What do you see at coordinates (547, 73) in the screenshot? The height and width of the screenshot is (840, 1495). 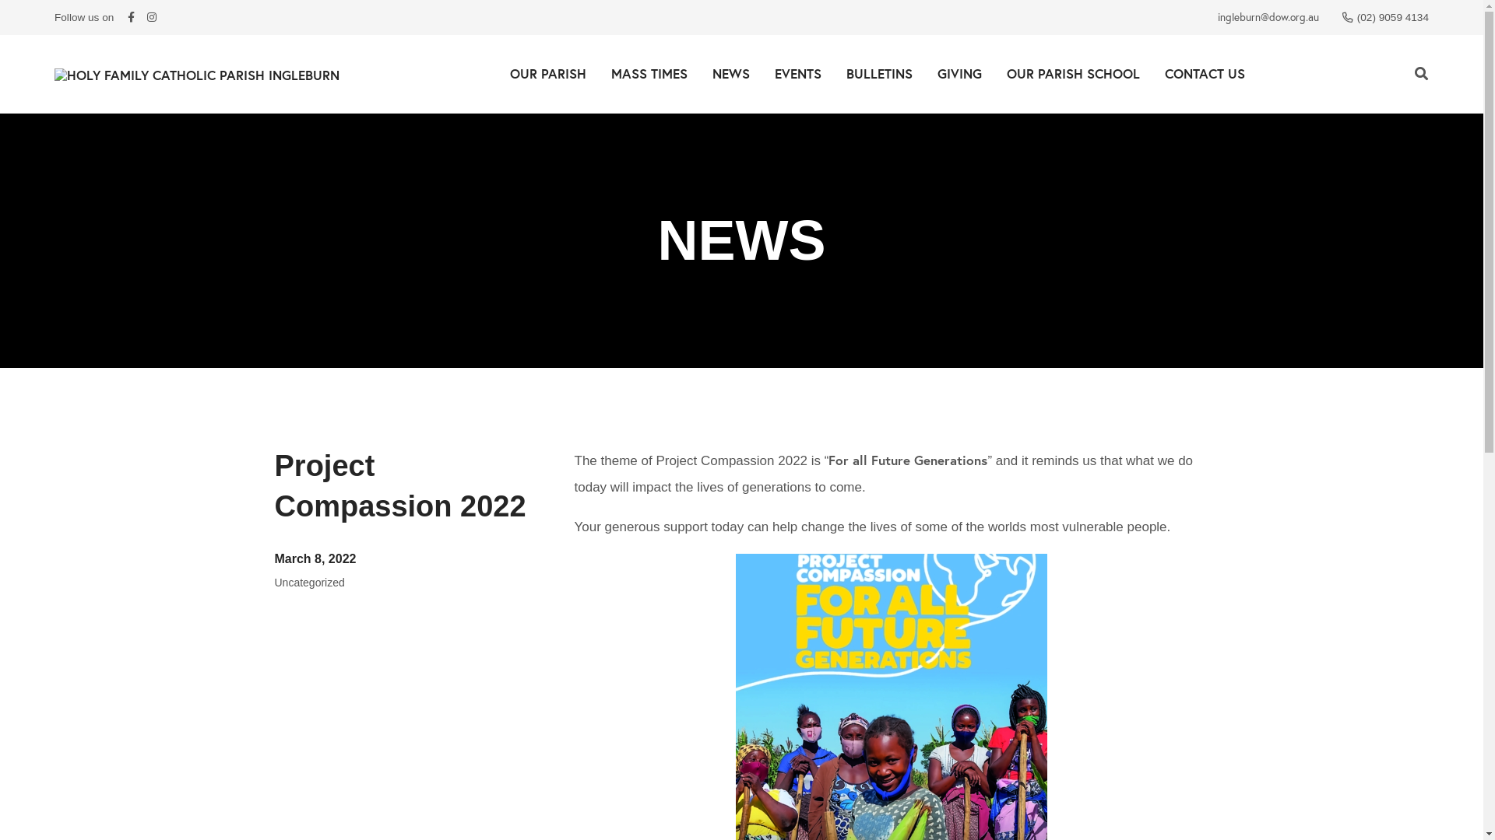 I see `'OUR PARISH'` at bounding box center [547, 73].